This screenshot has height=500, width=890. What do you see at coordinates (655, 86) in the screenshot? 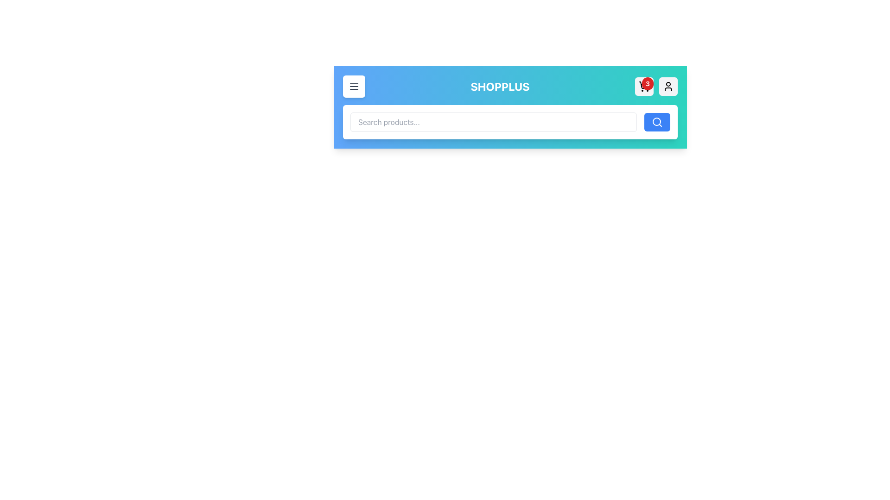
I see `the shopping cart icon located at the top right corner of the navigation bar, adjacent to the Notification badge which indicates the number of items in the cart` at bounding box center [655, 86].